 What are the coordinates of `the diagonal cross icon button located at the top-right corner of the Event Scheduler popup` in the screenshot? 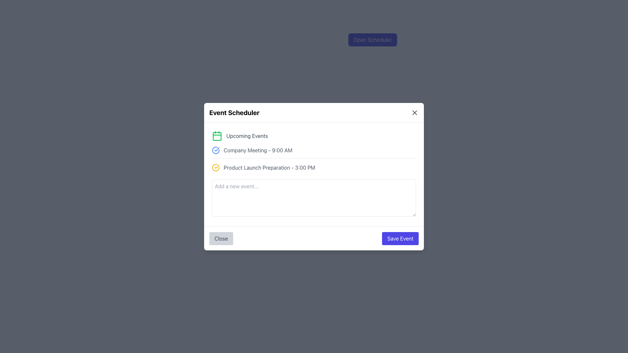 It's located at (414, 112).